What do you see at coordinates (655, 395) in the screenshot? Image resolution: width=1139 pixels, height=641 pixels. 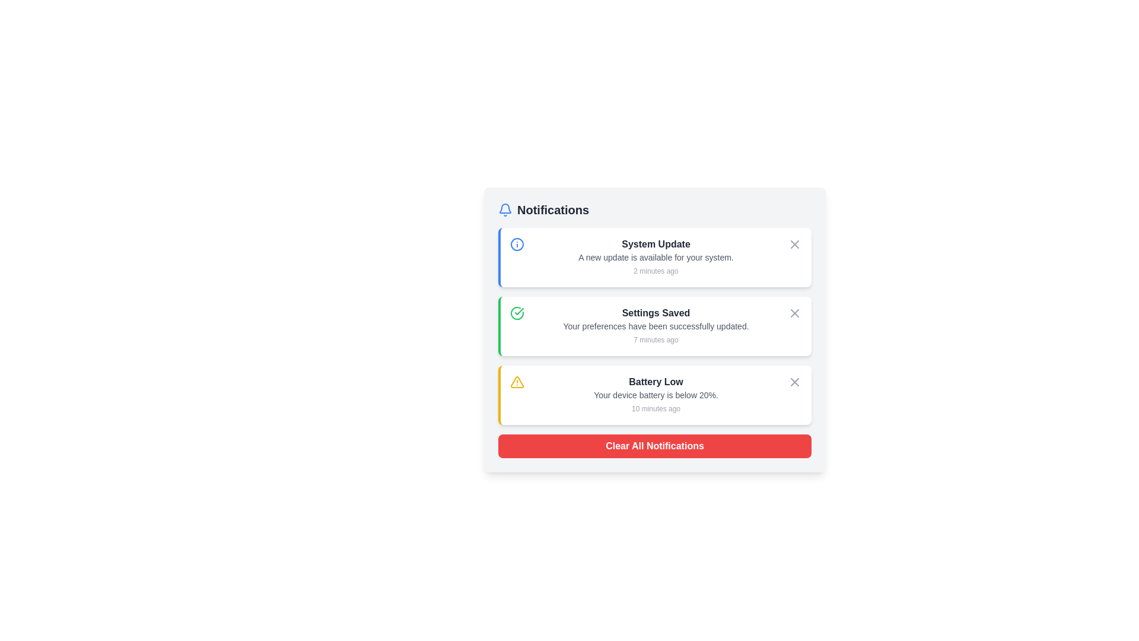 I see `notification text stating "Your device battery is below 20%" which is located below the bold title "Battery Low" in the notification panel` at bounding box center [655, 395].